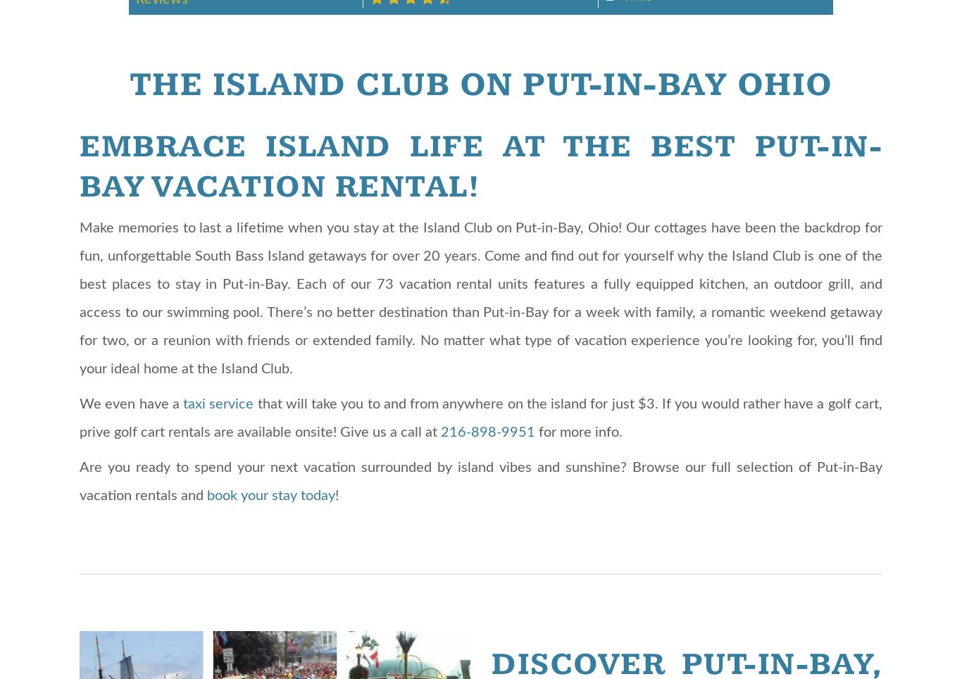 The height and width of the screenshot is (679, 962). Describe the element at coordinates (440, 432) in the screenshot. I see `'216-898-9951'` at that location.